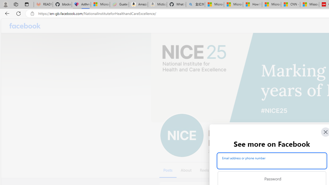 The width and height of the screenshot is (329, 185). I want to click on 'Asthma Inhalers: Names and Types', so click(81, 4).